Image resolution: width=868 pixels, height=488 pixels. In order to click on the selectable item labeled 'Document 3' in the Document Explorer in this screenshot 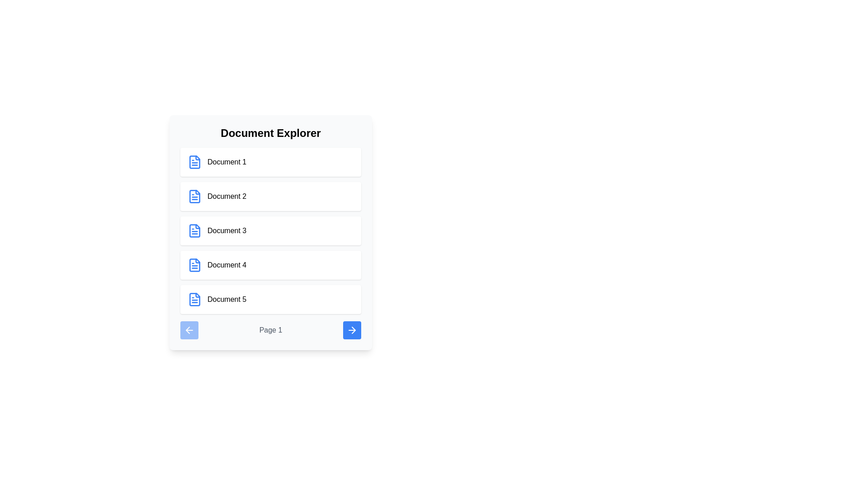, I will do `click(270, 230)`.